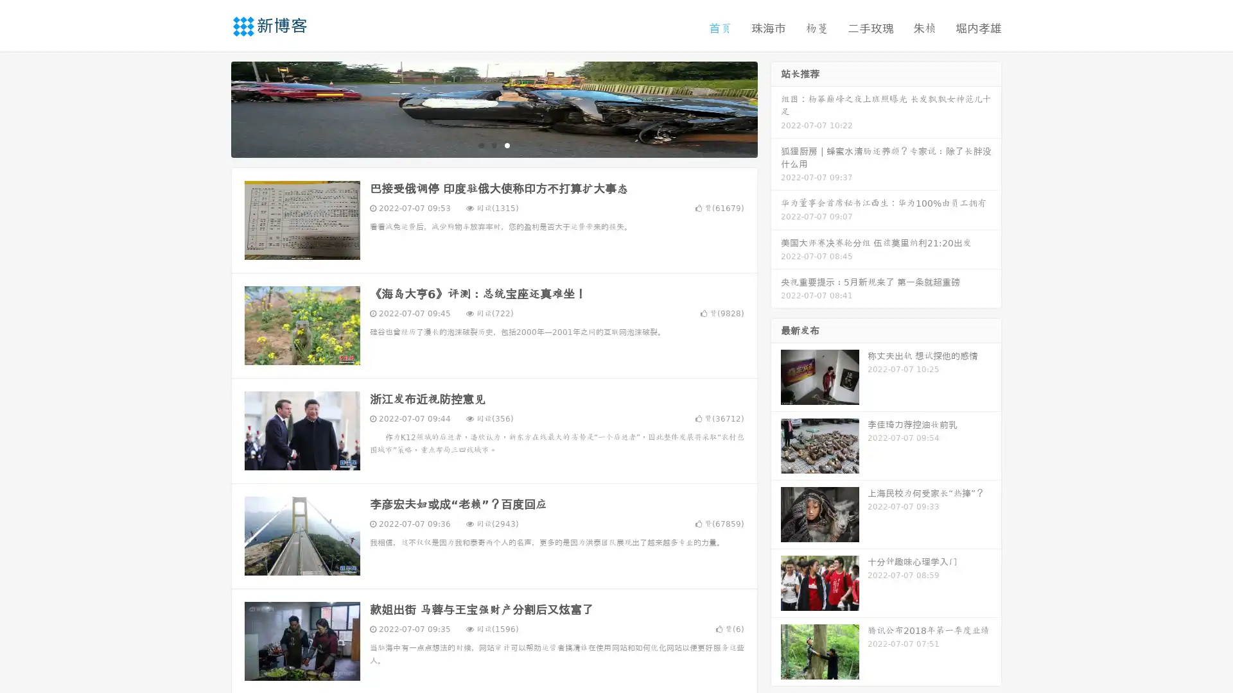  I want to click on Go to slide 2, so click(493, 144).